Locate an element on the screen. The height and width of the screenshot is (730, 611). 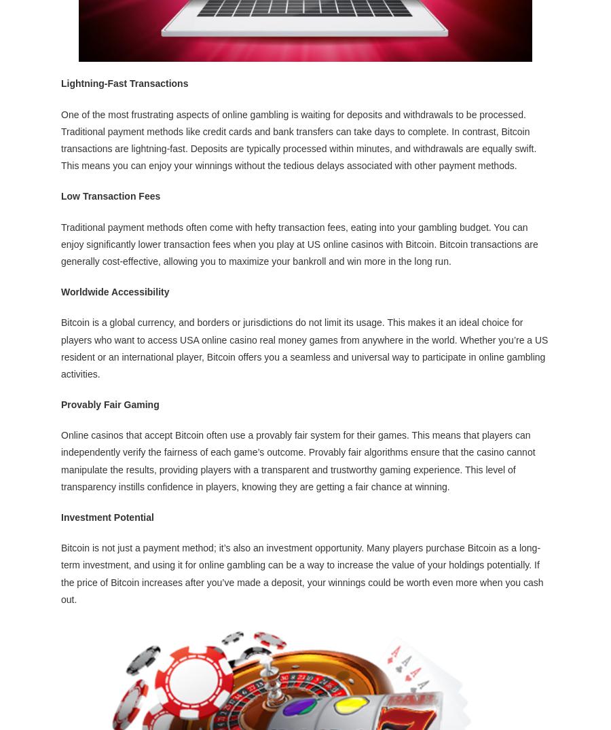
'Investment Potential' is located at coordinates (107, 516).